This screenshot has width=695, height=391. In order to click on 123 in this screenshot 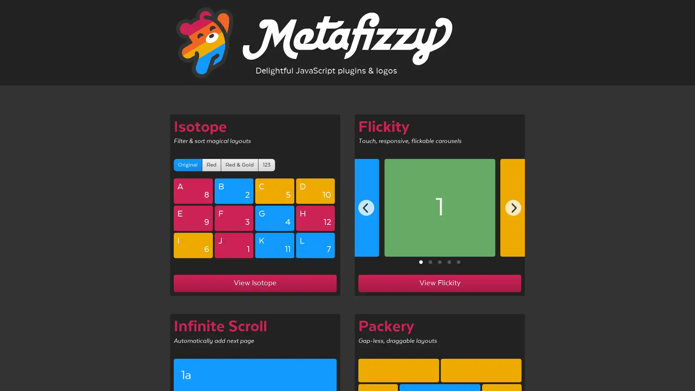, I will do `click(266, 165)`.